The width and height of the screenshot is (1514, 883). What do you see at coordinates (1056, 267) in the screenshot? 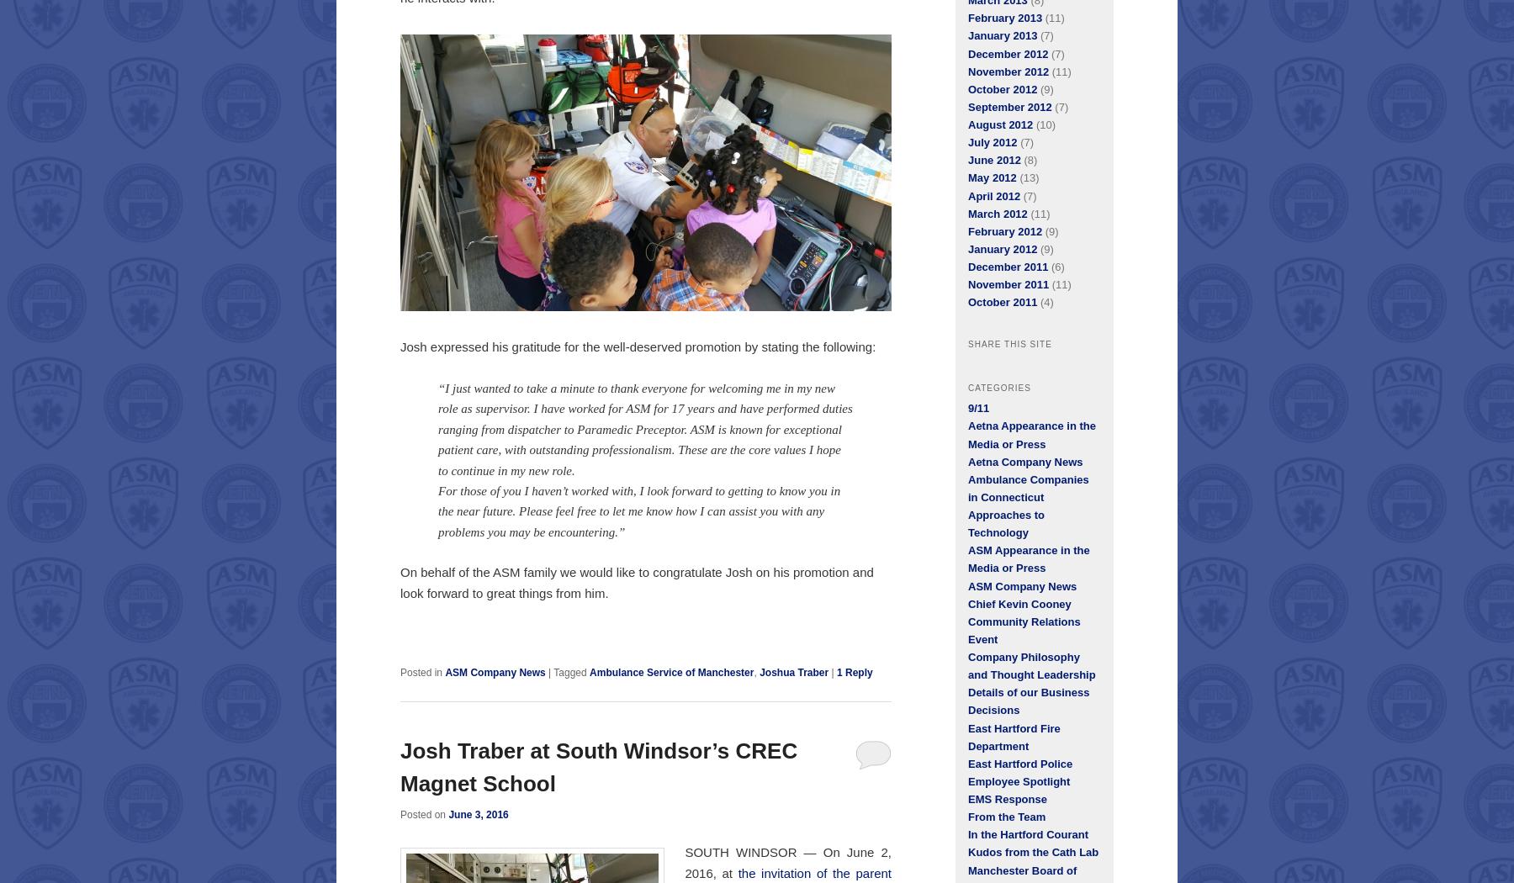
I see `'(6)'` at bounding box center [1056, 267].